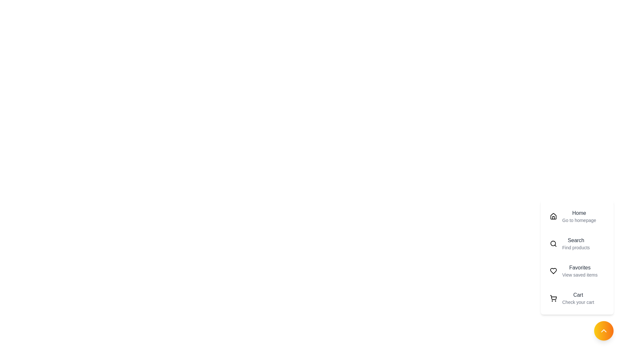 The image size is (624, 351). What do you see at coordinates (577, 298) in the screenshot?
I see `the menu item labeled Cart to preview its details` at bounding box center [577, 298].